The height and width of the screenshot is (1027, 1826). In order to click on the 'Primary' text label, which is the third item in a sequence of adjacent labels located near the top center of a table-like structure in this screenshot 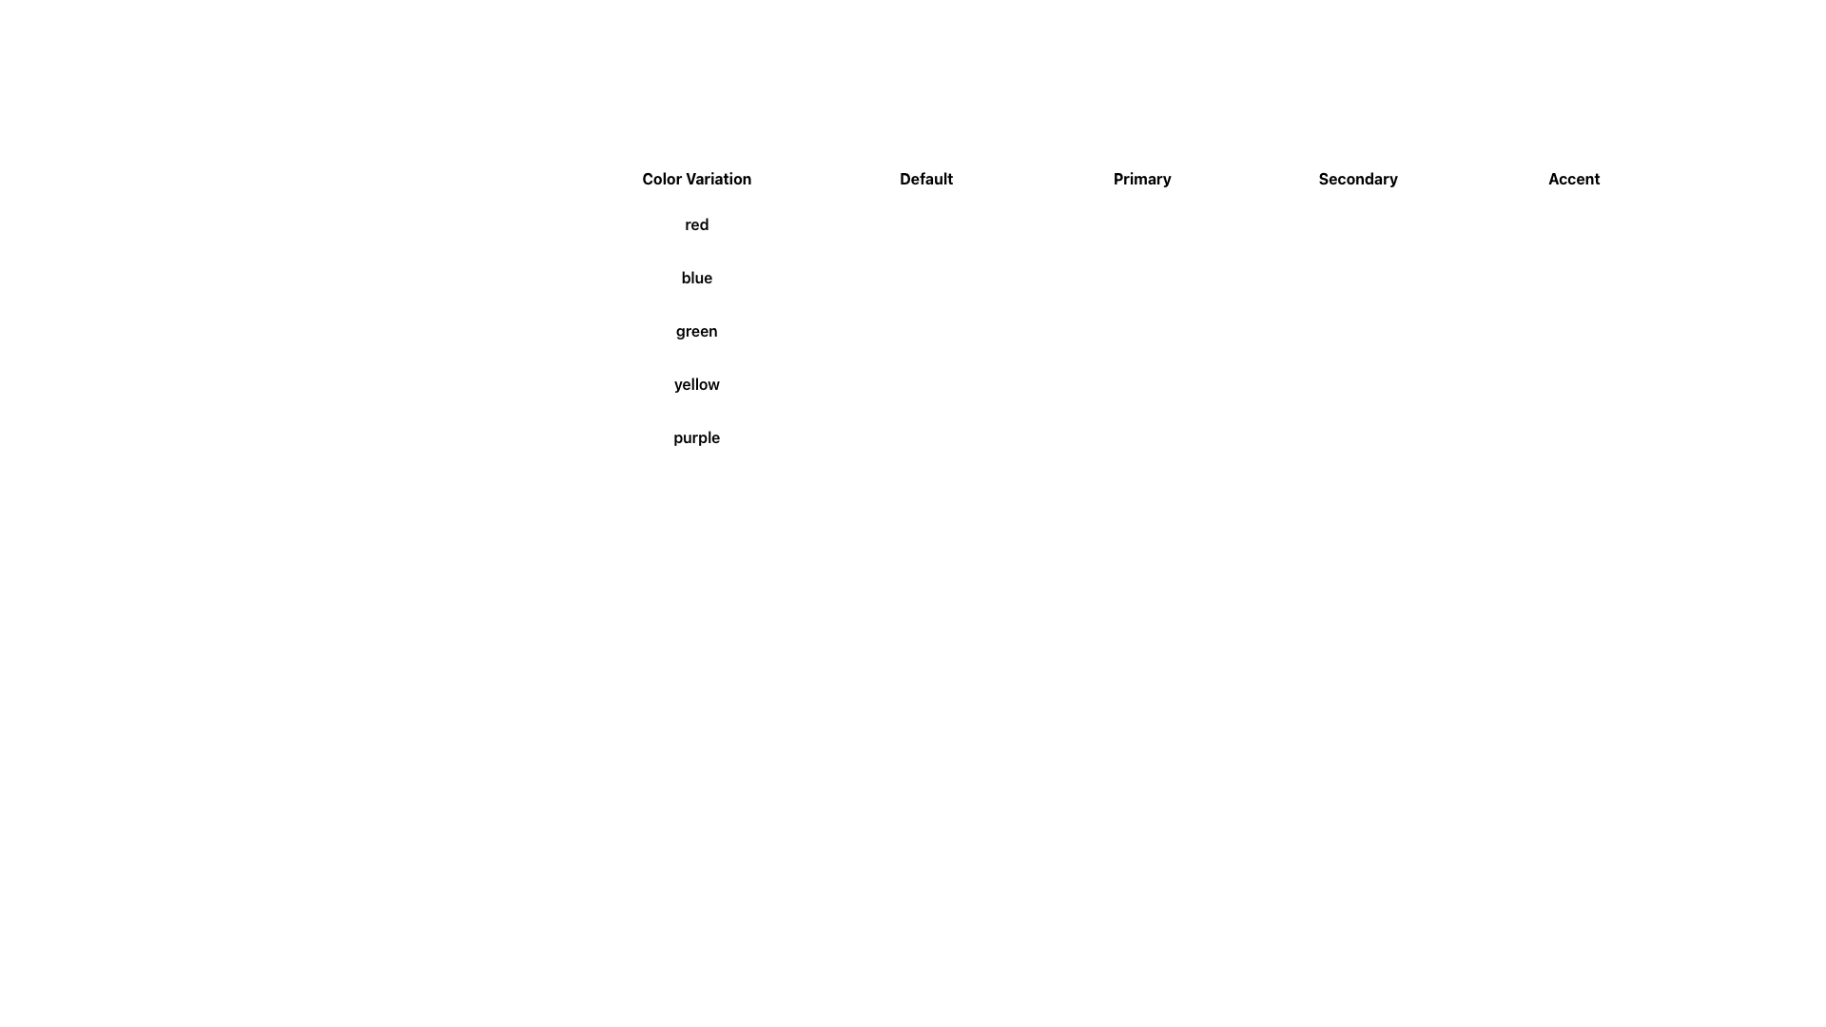, I will do `click(1128, 179)`.